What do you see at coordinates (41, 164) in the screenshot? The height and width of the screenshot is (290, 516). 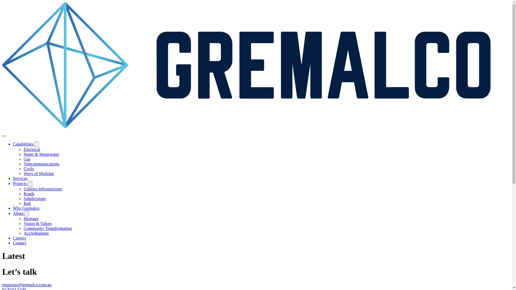 I see `'Telecommunications'` at bounding box center [41, 164].